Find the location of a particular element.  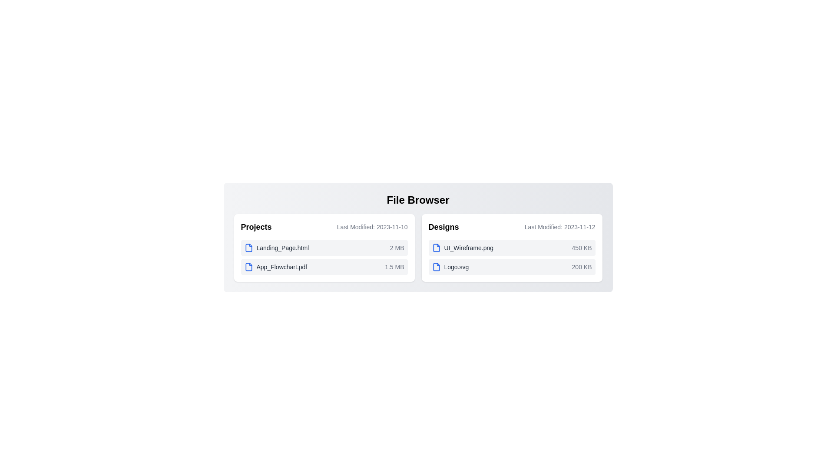

the file named App_Flowchart.pdf to select it is located at coordinates (275, 266).